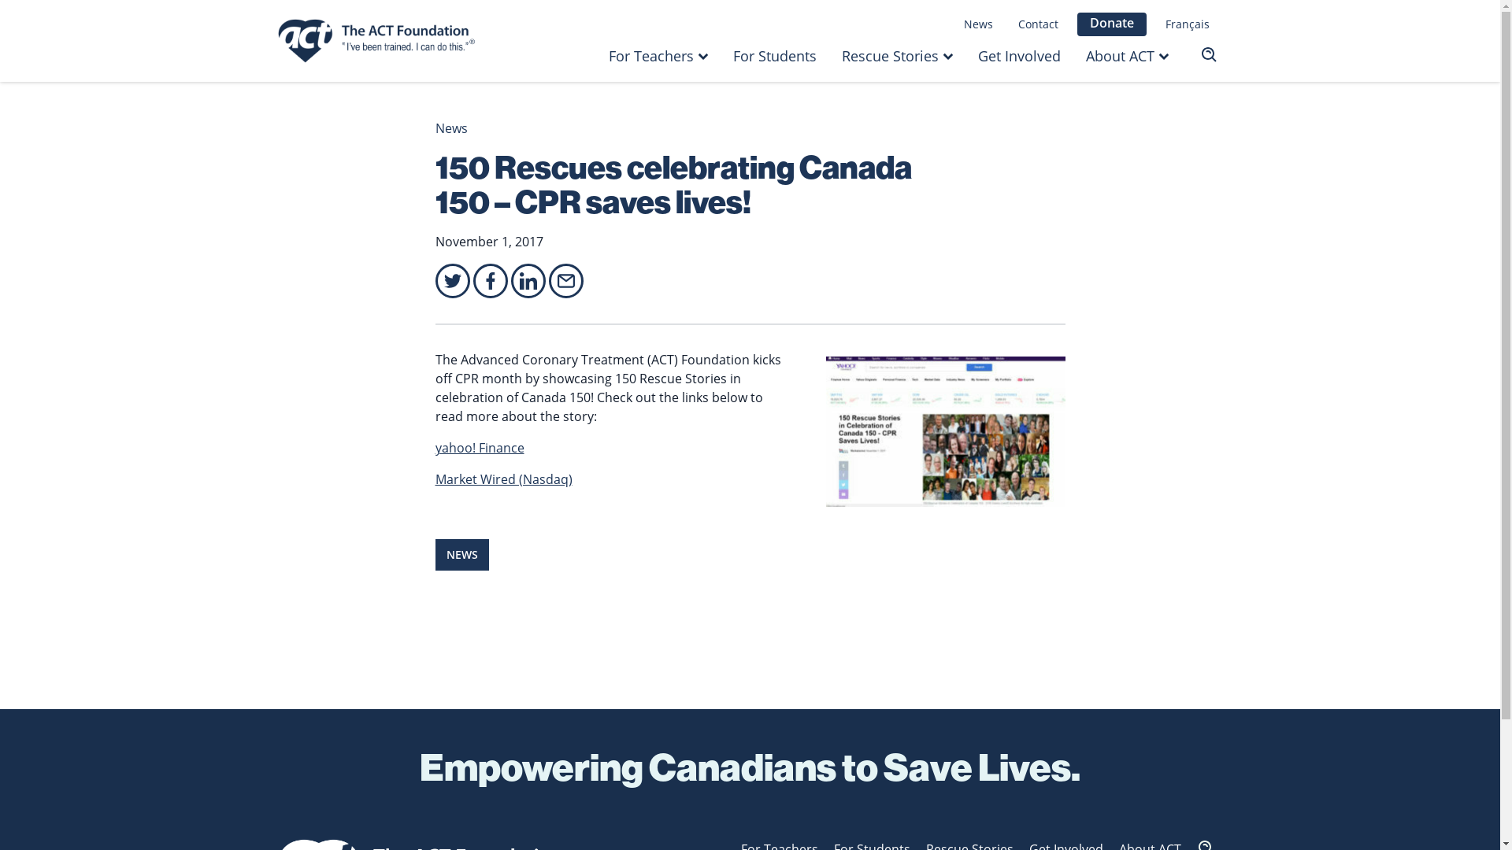 The height and width of the screenshot is (850, 1512). I want to click on 'Search', so click(1201, 54).